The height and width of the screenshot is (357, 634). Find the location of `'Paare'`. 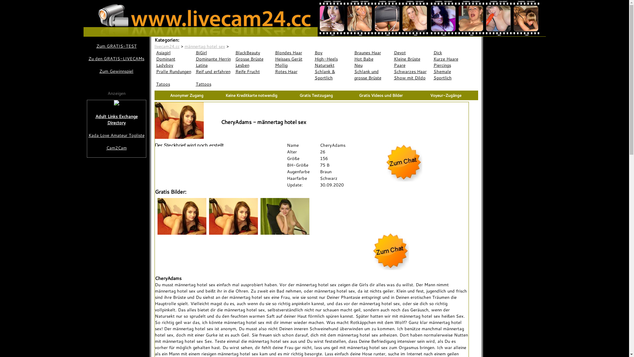

'Paare' is located at coordinates (412, 65).